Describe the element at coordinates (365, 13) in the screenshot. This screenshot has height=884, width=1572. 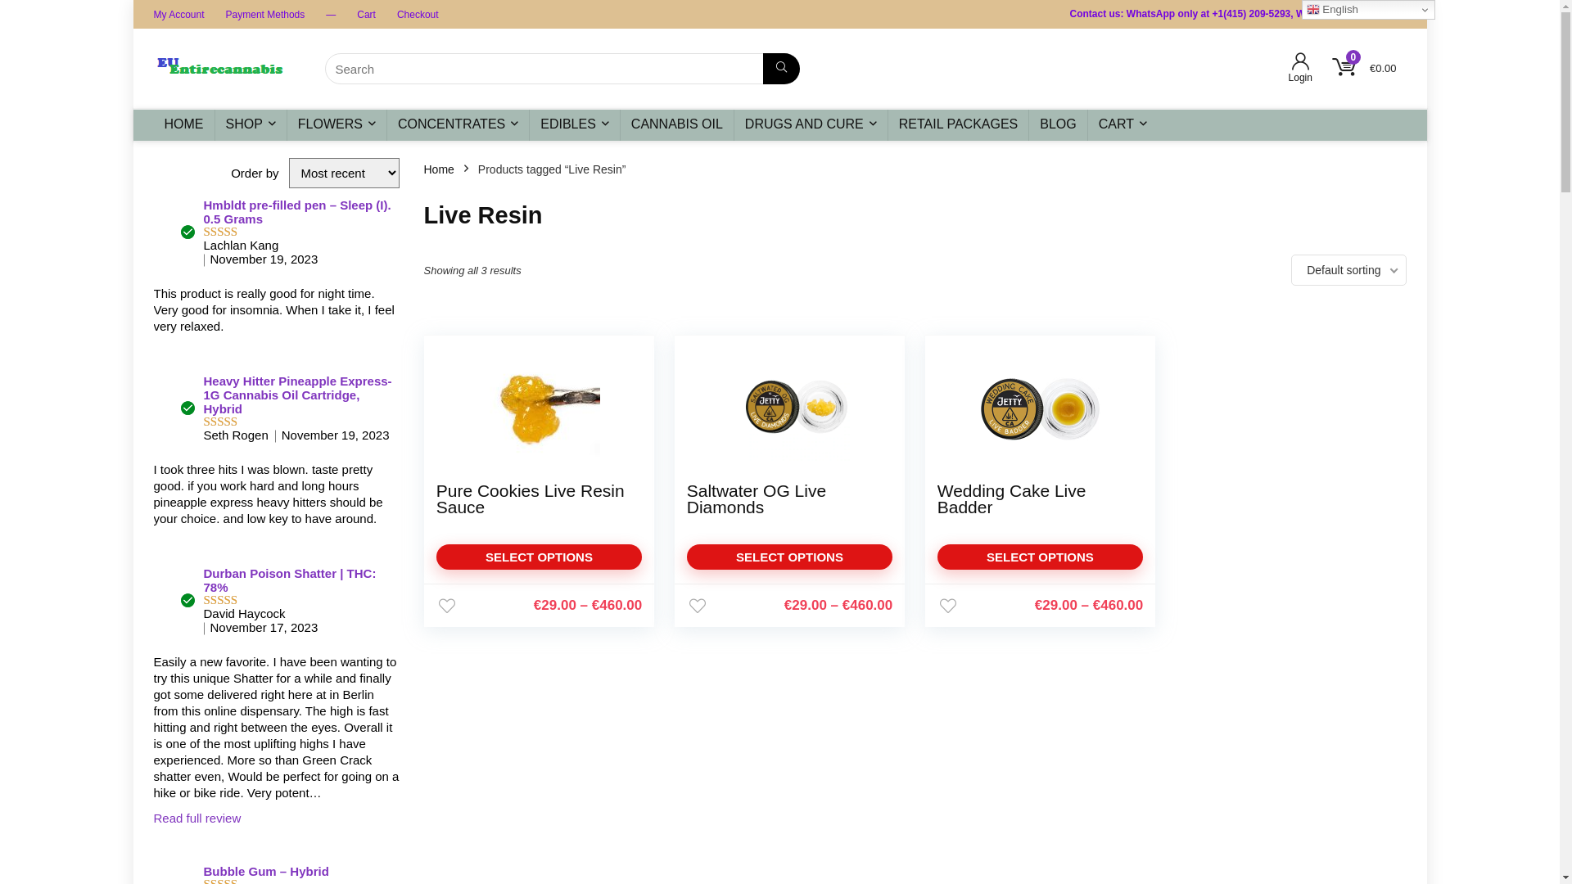
I see `'Cart'` at that location.